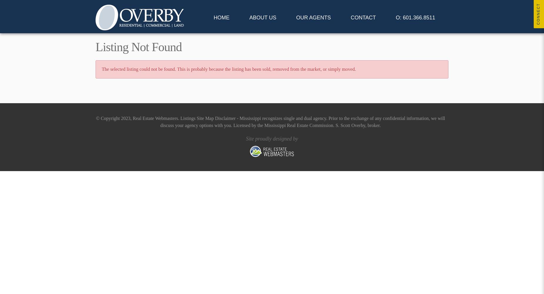 This screenshot has height=294, width=544. I want to click on '.', so click(179, 118).